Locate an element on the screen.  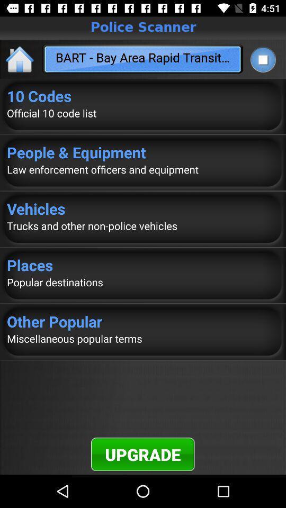
the icon above the 10 codes item is located at coordinates (20, 59).